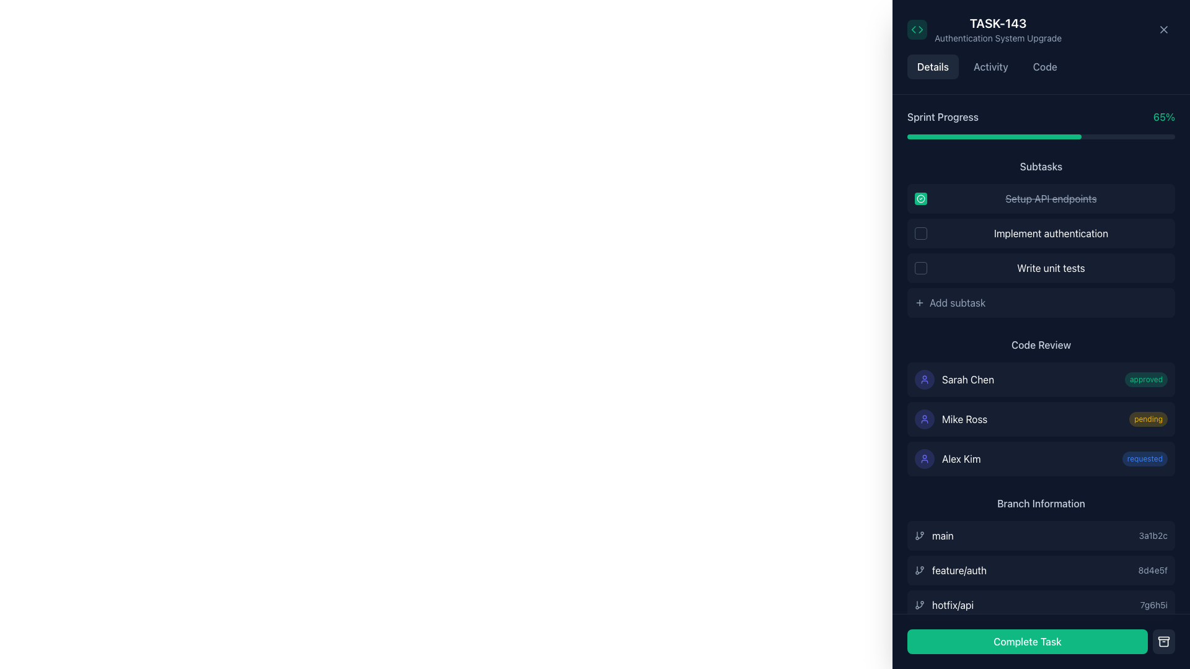 This screenshot has height=669, width=1190. What do you see at coordinates (920, 28) in the screenshot?
I see `the decorative right arrow shape within the SVG icon element that is part of the 'code' symbol, located near the top-left corner of the details panel` at bounding box center [920, 28].